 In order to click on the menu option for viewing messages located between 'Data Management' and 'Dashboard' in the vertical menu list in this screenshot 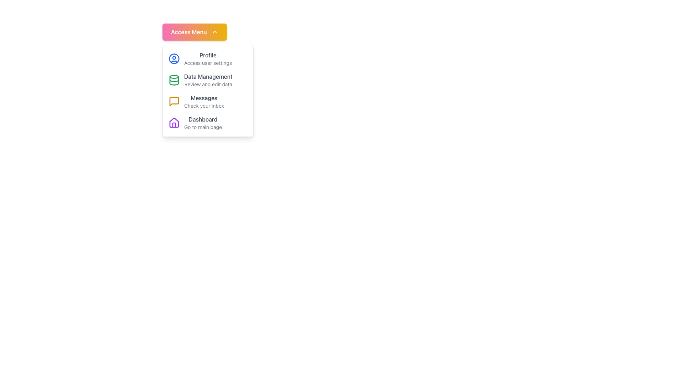, I will do `click(203, 102)`.